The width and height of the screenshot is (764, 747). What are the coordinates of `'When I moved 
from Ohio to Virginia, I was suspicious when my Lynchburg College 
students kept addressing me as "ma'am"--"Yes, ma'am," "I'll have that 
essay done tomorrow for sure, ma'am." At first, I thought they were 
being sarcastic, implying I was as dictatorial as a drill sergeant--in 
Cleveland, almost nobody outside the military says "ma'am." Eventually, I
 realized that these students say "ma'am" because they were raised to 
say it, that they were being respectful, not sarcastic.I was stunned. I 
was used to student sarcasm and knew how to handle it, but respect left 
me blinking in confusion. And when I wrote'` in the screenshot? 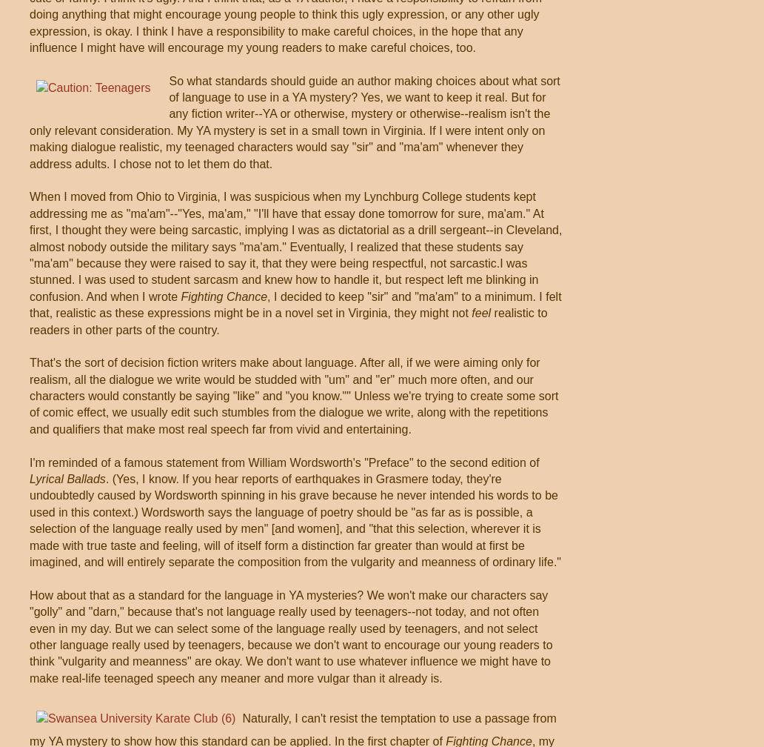 It's located at (295, 246).